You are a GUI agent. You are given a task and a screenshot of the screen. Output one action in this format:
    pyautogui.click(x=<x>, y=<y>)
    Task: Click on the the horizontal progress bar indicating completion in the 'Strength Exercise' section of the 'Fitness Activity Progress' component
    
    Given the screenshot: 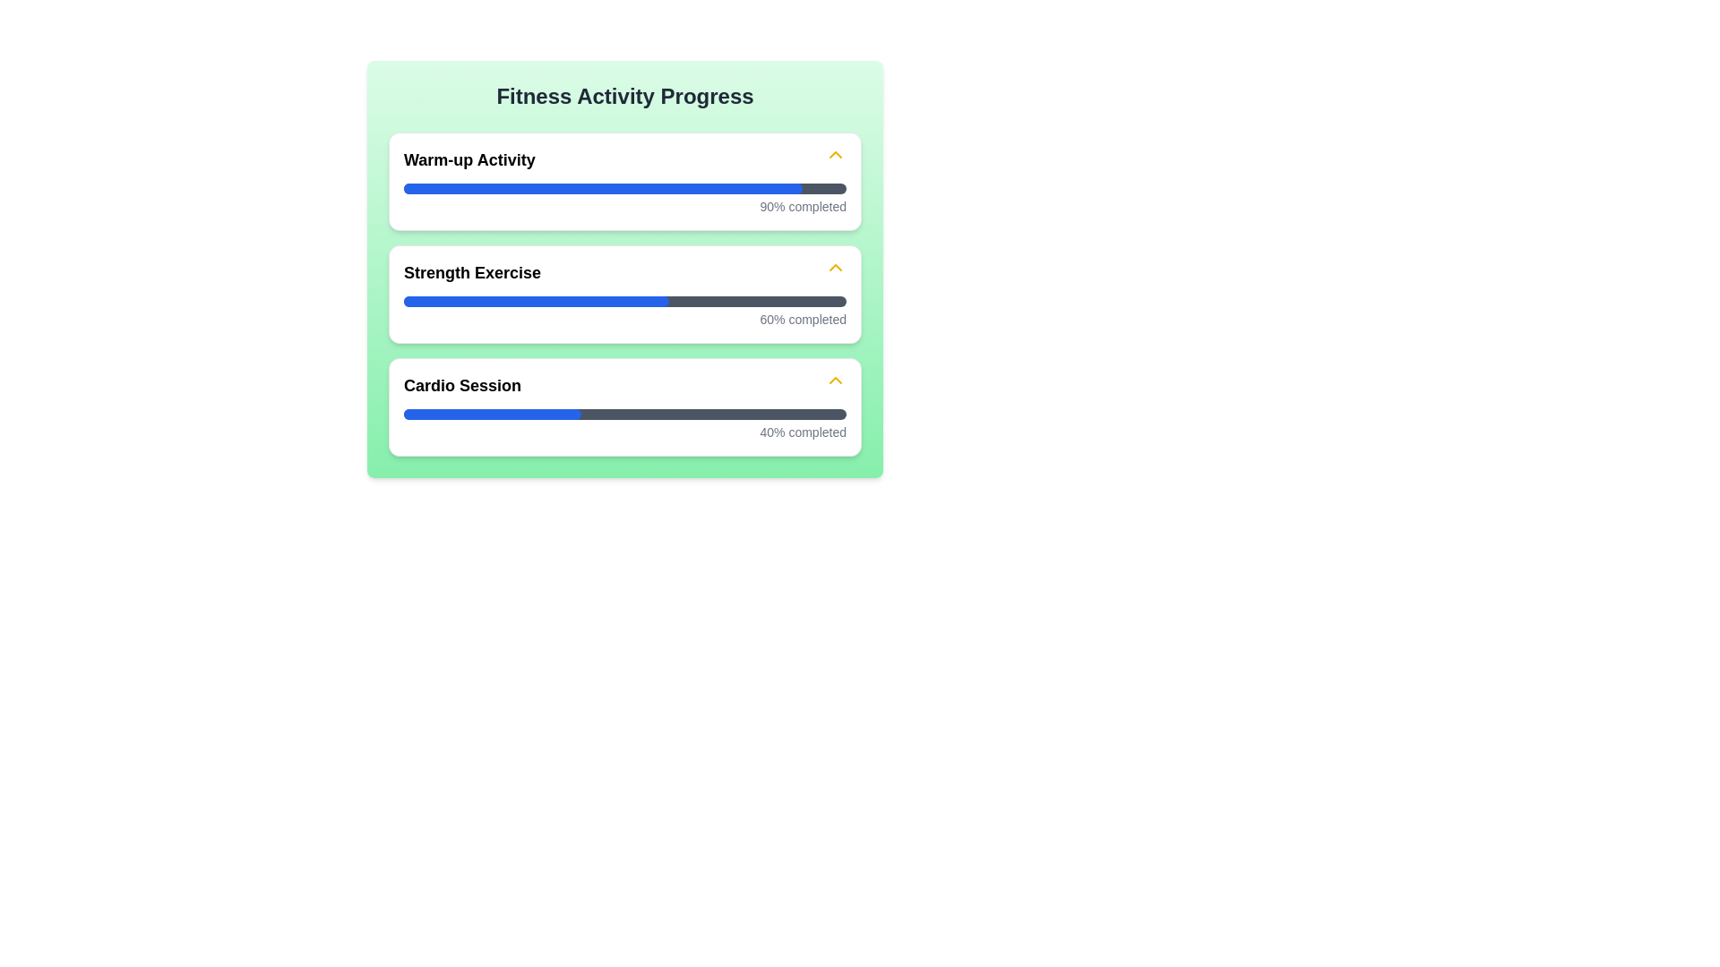 What is the action you would take?
    pyautogui.click(x=624, y=300)
    